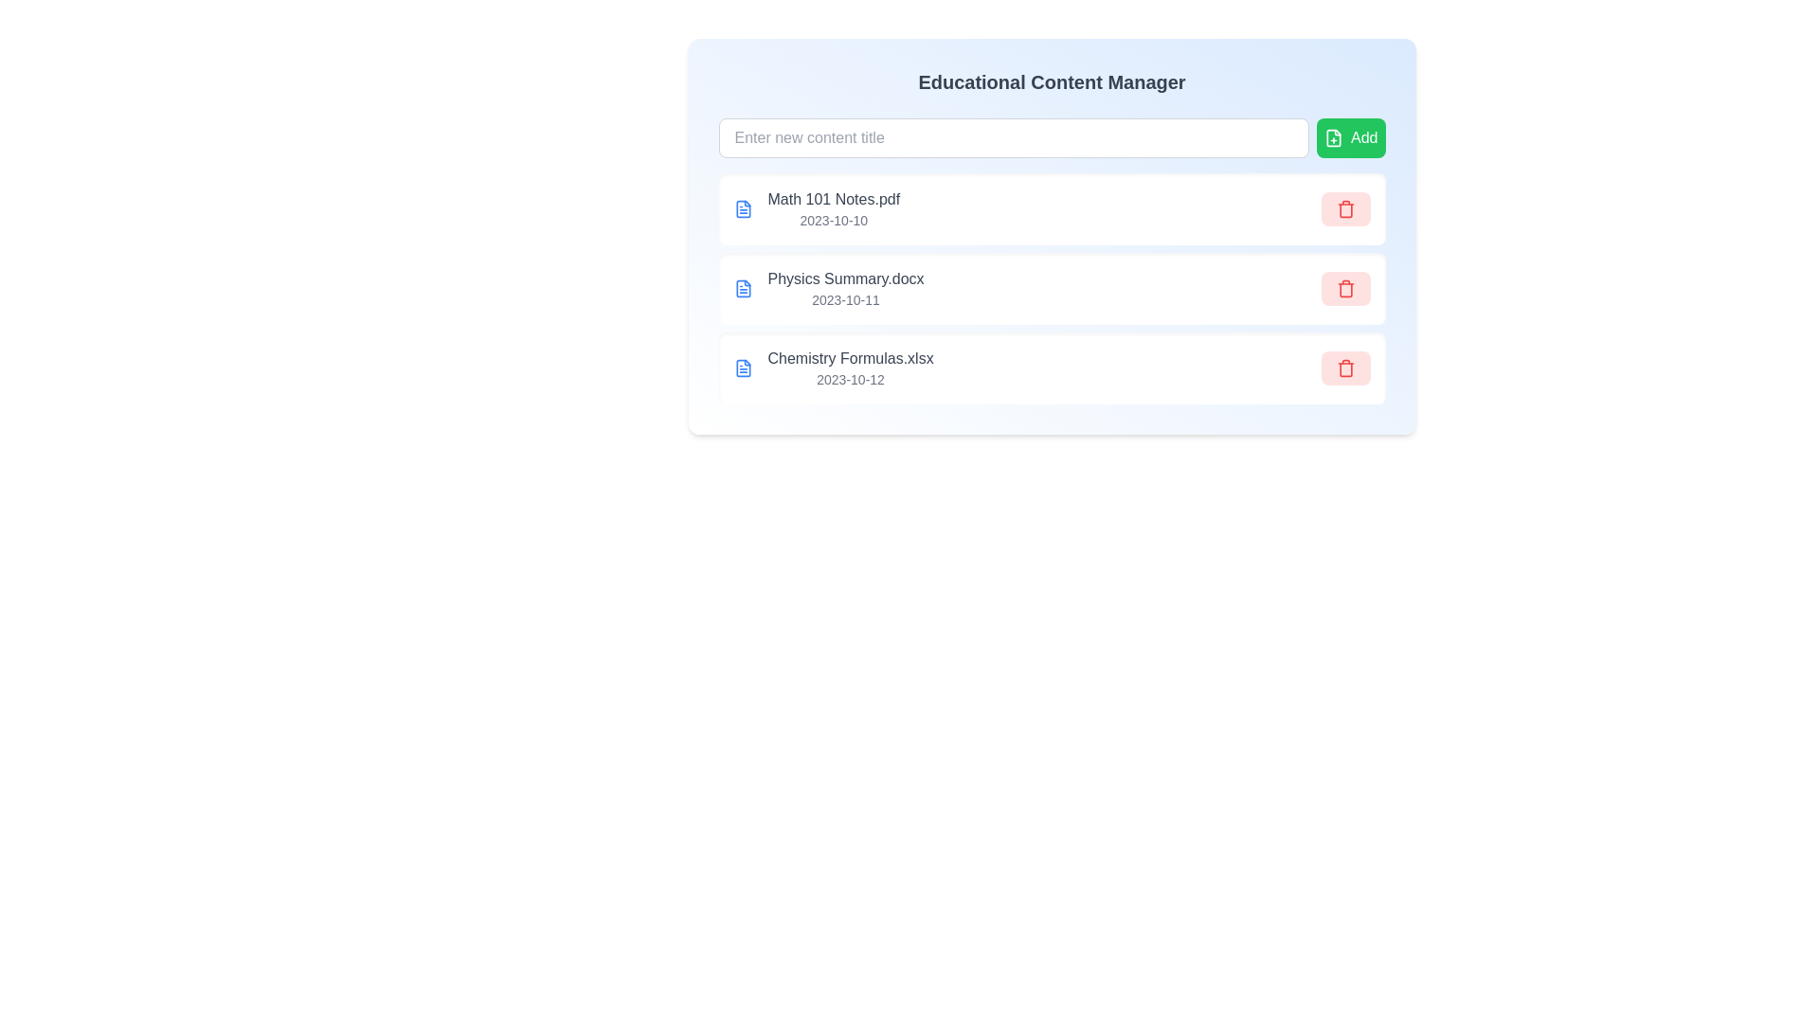  Describe the element at coordinates (1344, 369) in the screenshot. I see `the trash bin icon in the third row of the file list` at that location.